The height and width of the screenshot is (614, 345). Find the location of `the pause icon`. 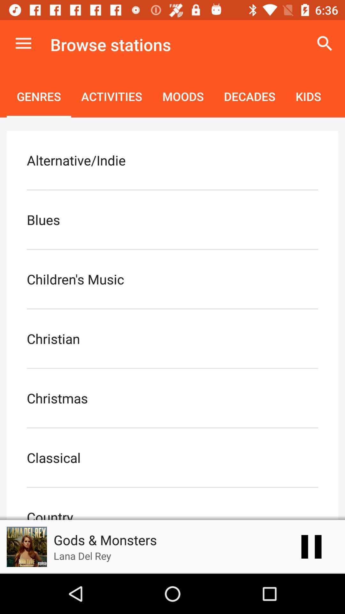

the pause icon is located at coordinates (311, 546).